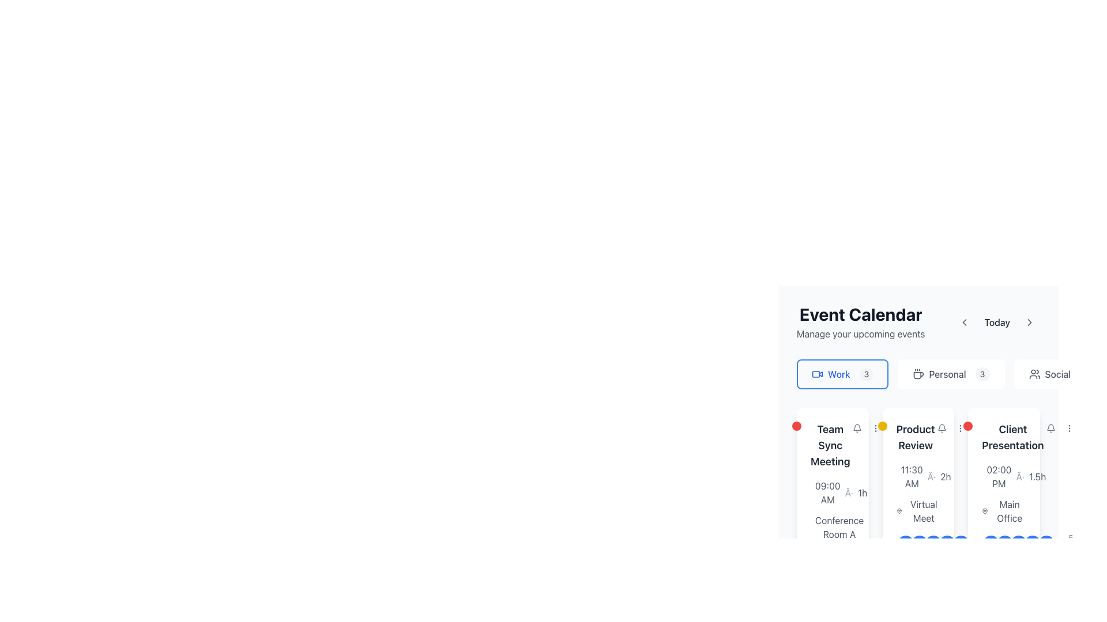 The image size is (1107, 622). I want to click on the text element displaying the title 'Product Review' which is the main heading for the card in the 'Event Calendar' section, so click(915, 437).